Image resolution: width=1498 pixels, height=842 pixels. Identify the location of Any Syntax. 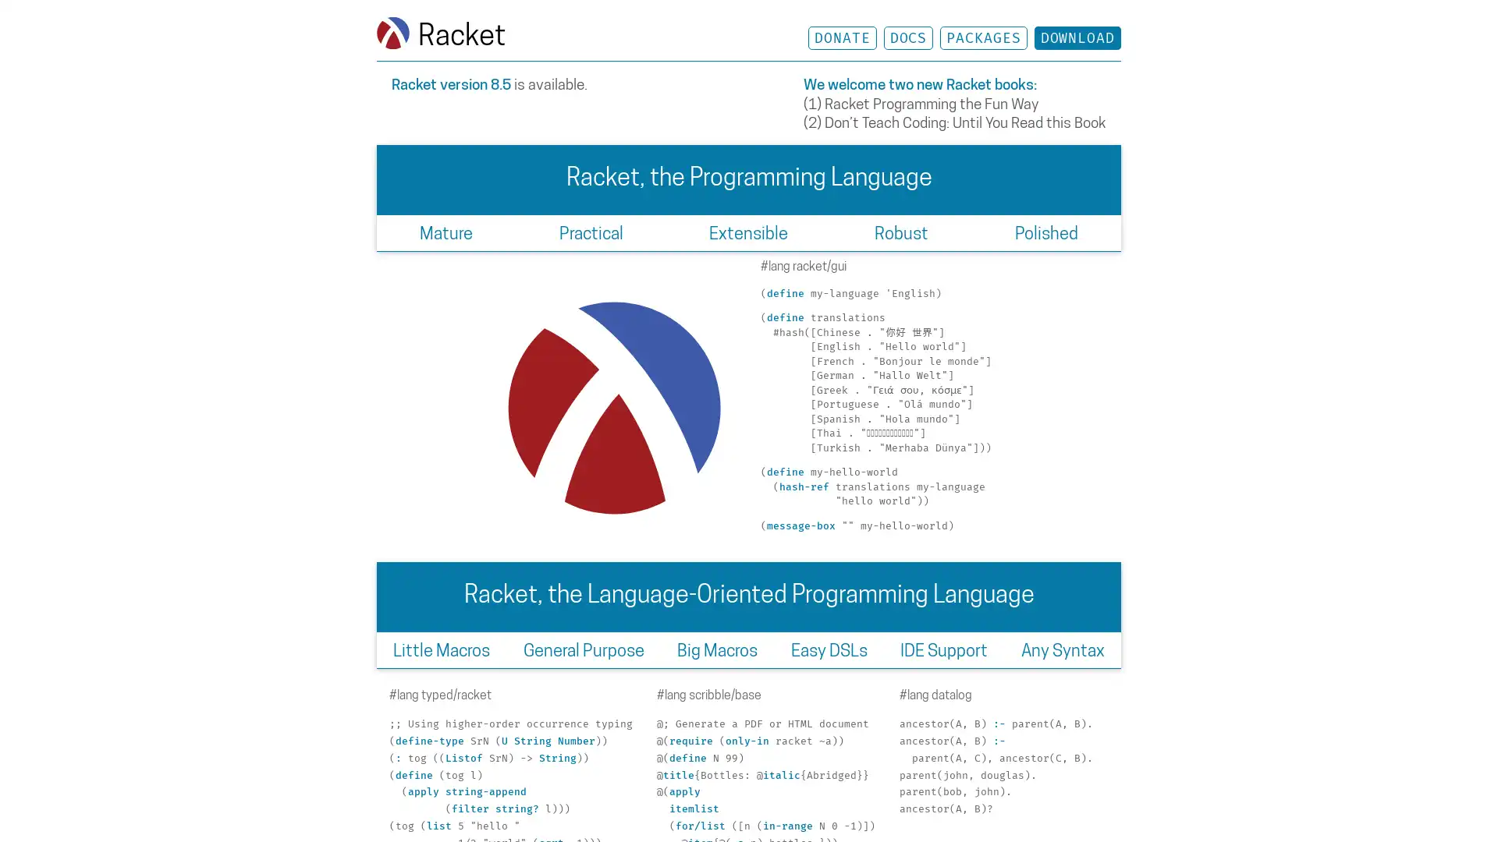
(1062, 649).